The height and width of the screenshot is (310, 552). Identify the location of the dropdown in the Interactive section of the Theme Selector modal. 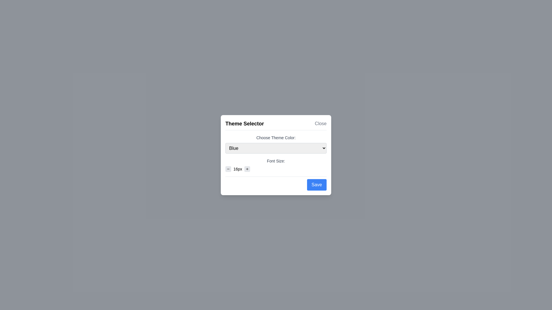
(276, 153).